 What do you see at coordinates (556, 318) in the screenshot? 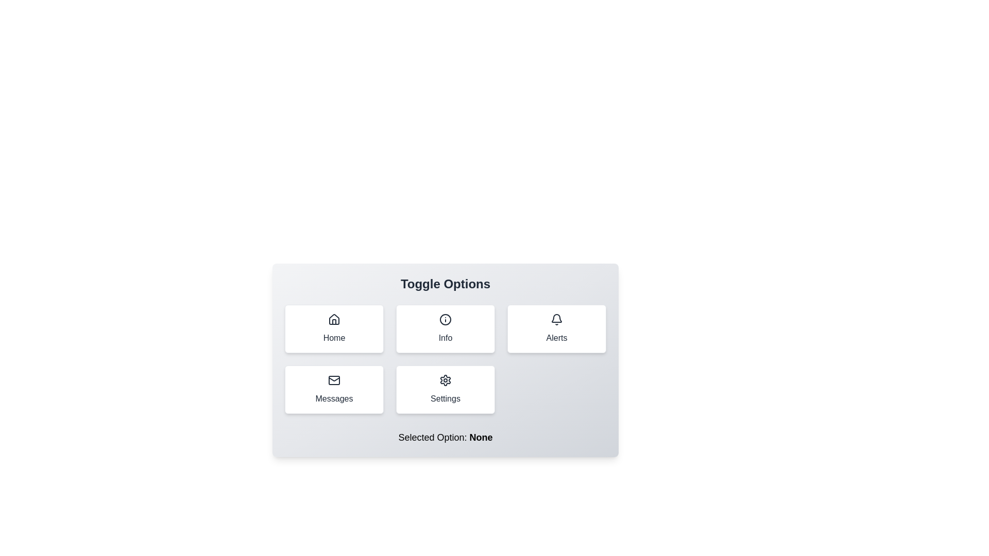
I see `the bell icon within the 'Alerts' button in the top-right corner of the interface to trigger the related action, if enabled` at bounding box center [556, 318].